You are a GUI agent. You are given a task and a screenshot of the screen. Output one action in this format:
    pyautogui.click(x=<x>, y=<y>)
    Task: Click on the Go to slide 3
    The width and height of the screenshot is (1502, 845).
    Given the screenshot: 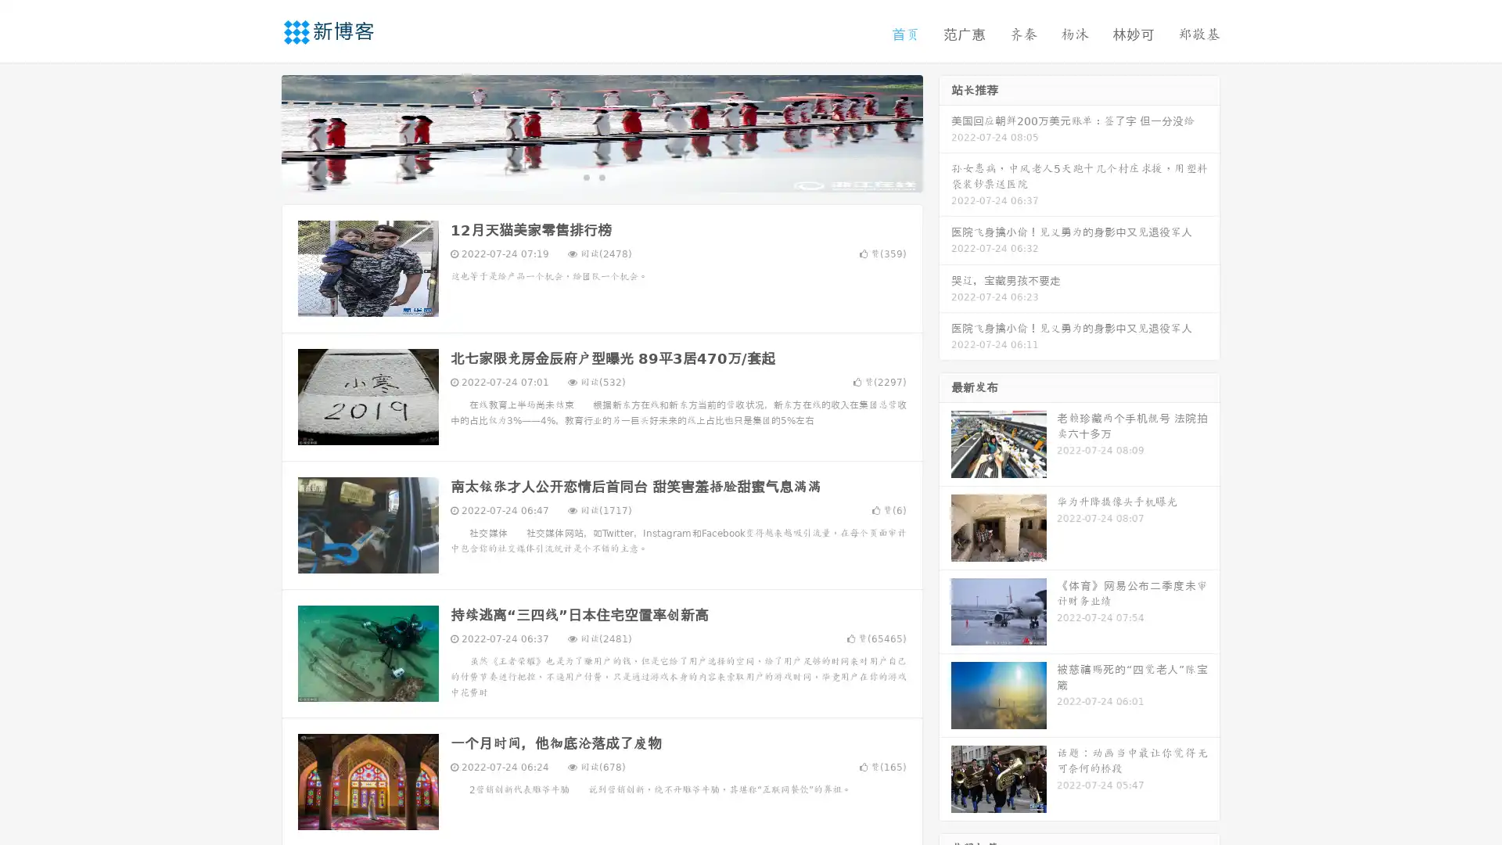 What is the action you would take?
    pyautogui.click(x=617, y=176)
    